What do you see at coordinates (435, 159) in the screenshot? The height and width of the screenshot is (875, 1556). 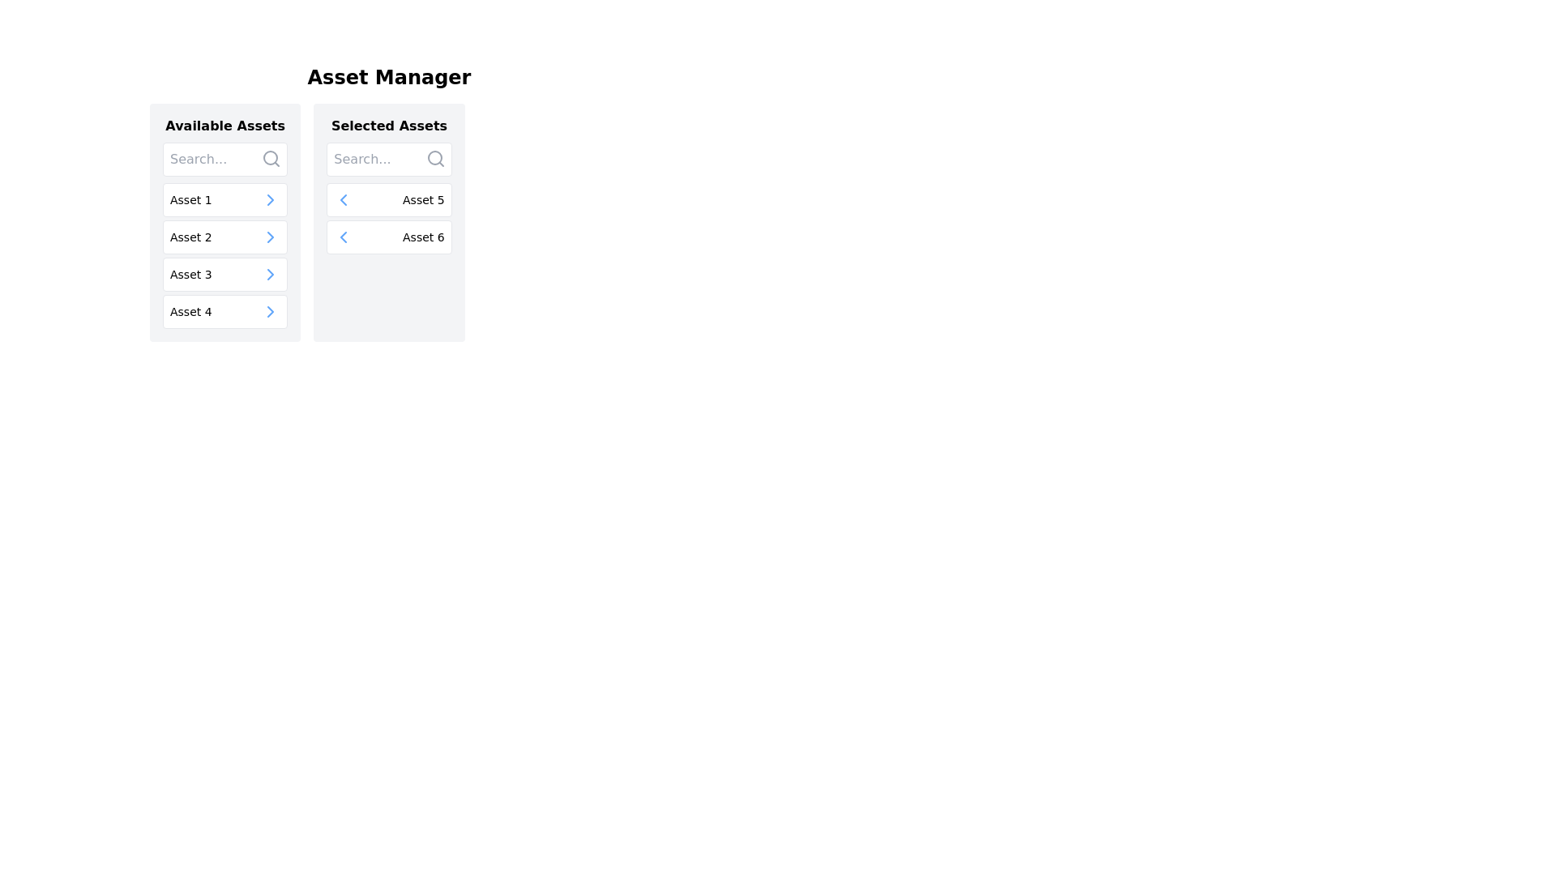 I see `the search icon located at the rightmost end of the 'Selected Assets' search bar, which serves as a visual cue for the search functionality` at bounding box center [435, 159].